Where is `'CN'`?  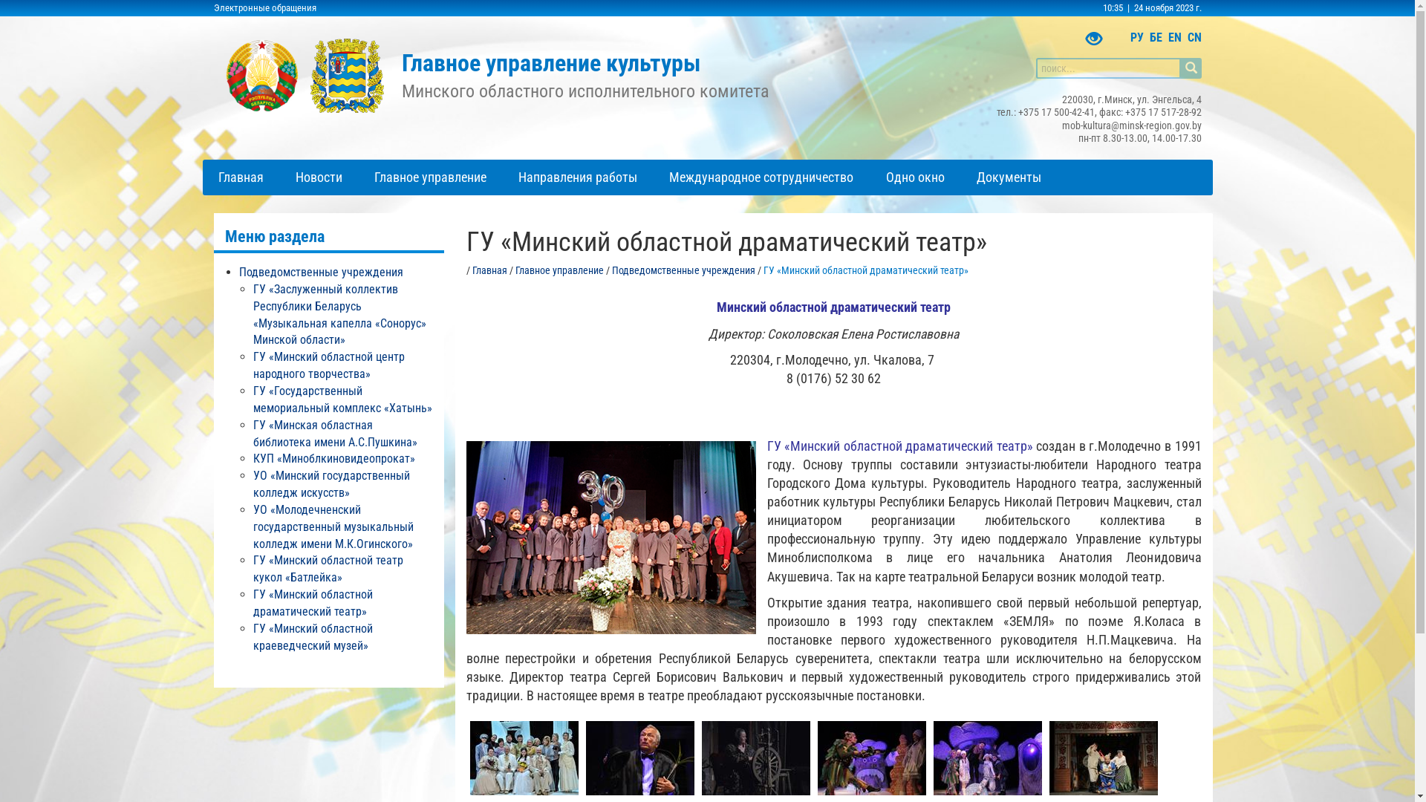 'CN' is located at coordinates (1194, 36).